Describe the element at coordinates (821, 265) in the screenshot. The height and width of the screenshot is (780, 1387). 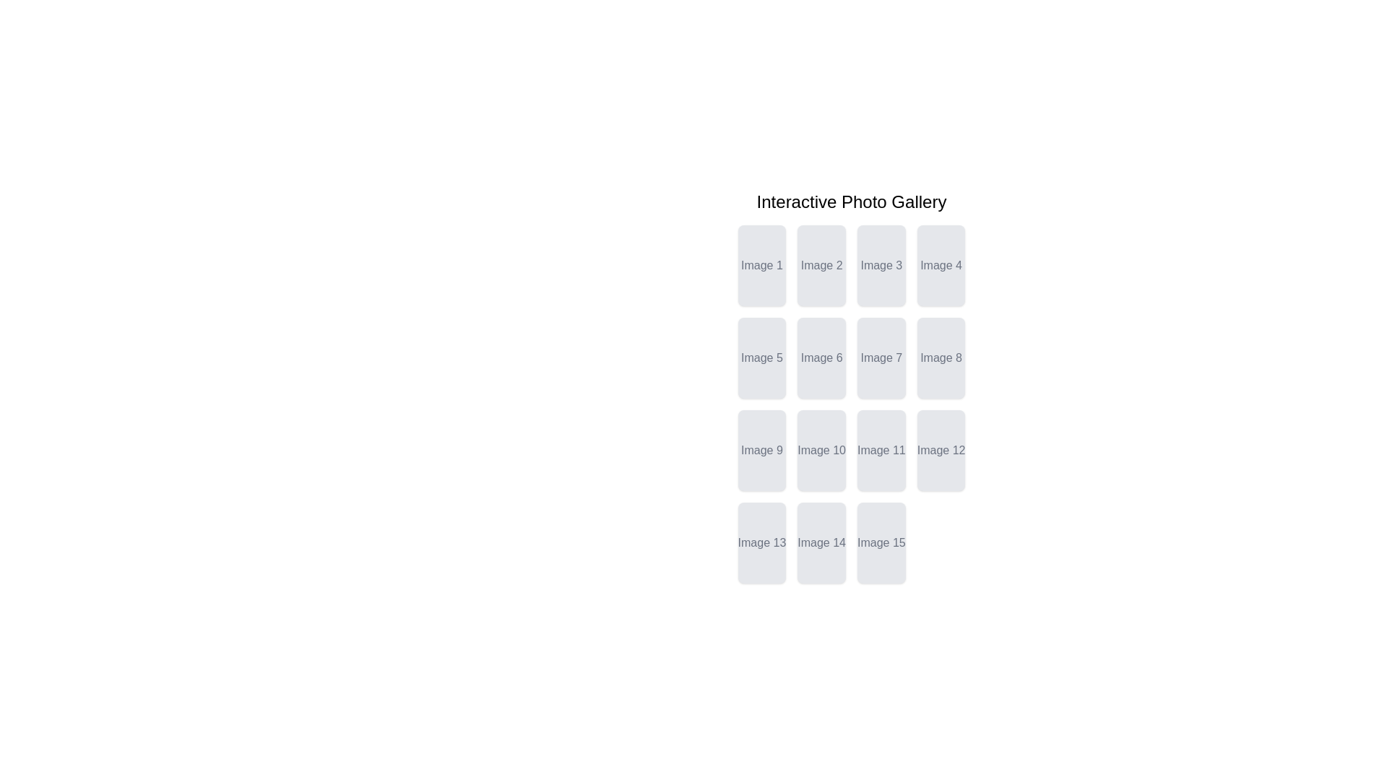
I see `the card element labeled 'Image 2' in the grid layout, which has a light background and rounded corners, located in the first row and second column` at that location.